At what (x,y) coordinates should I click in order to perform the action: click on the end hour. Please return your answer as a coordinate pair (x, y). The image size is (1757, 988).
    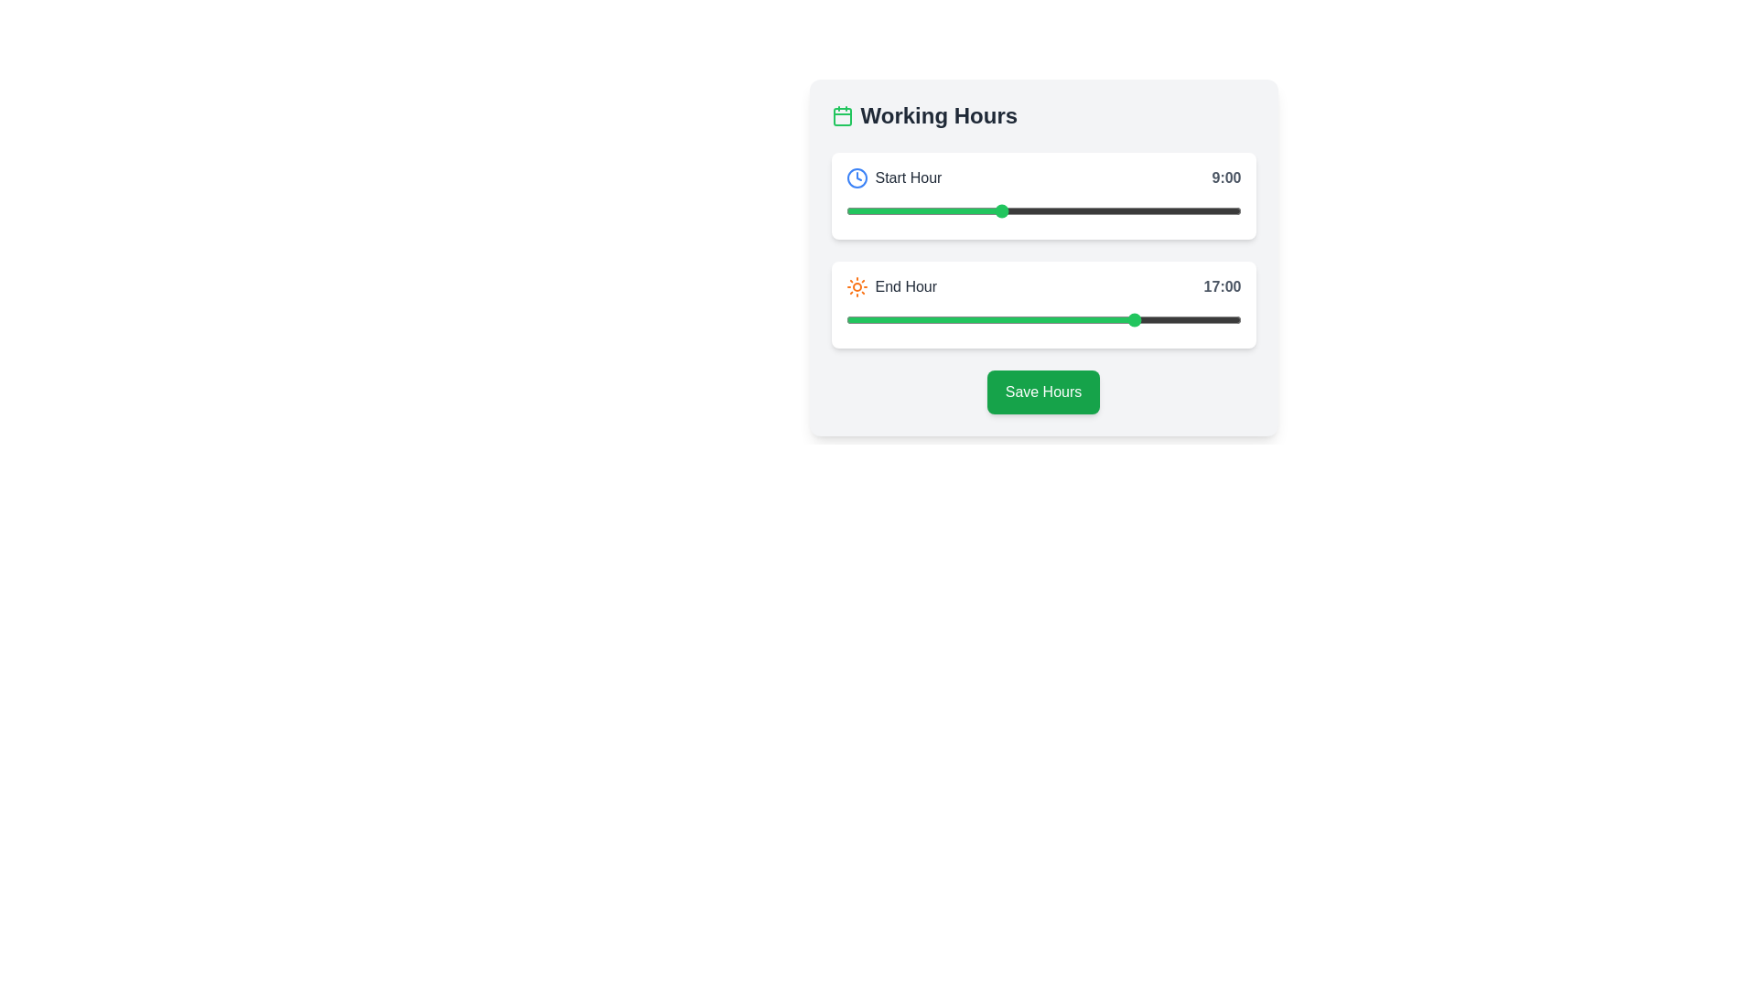
    Looking at the image, I should click on (1190, 319).